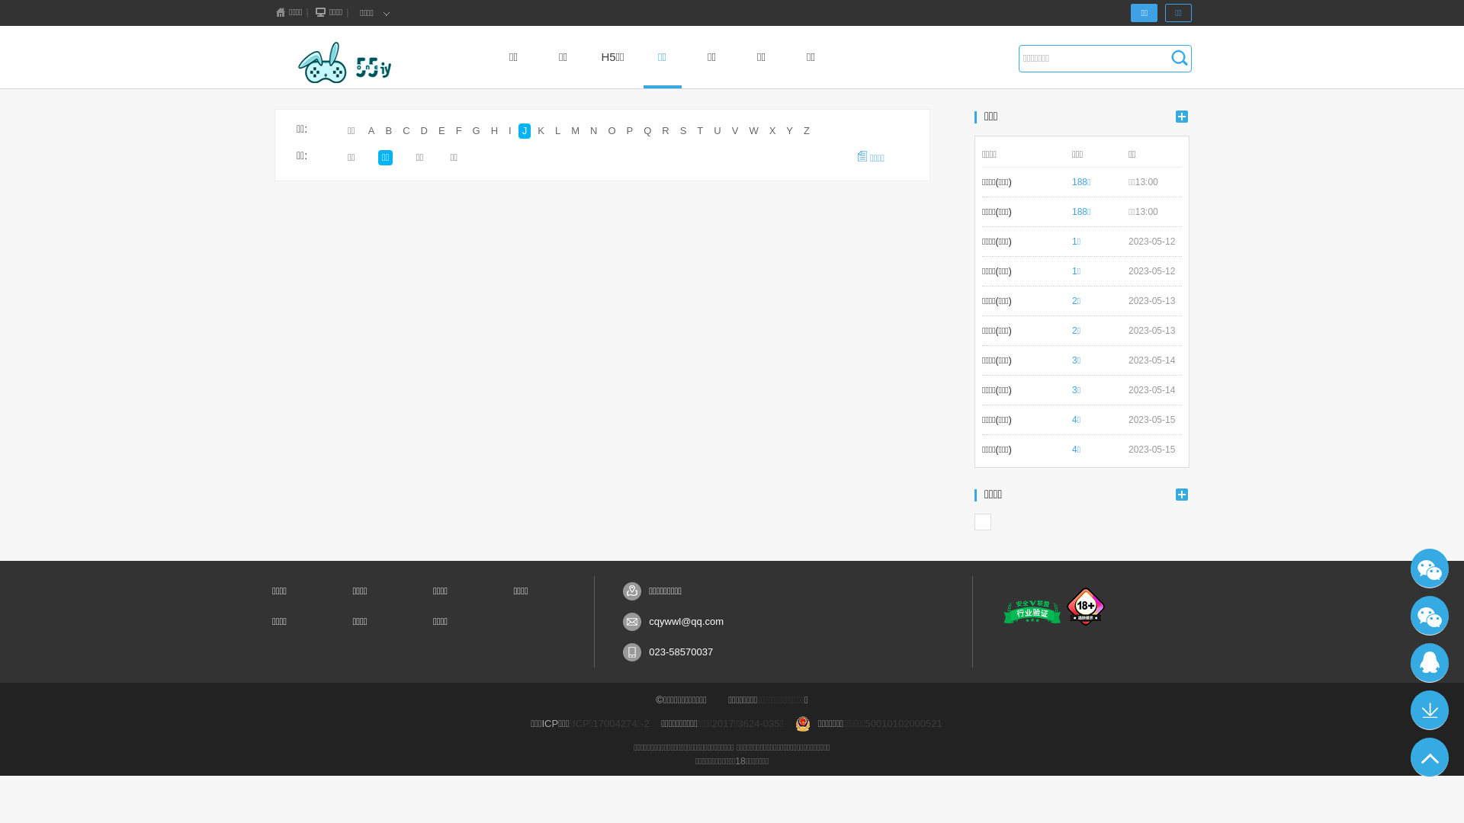  Describe the element at coordinates (457, 130) in the screenshot. I see `'F'` at that location.